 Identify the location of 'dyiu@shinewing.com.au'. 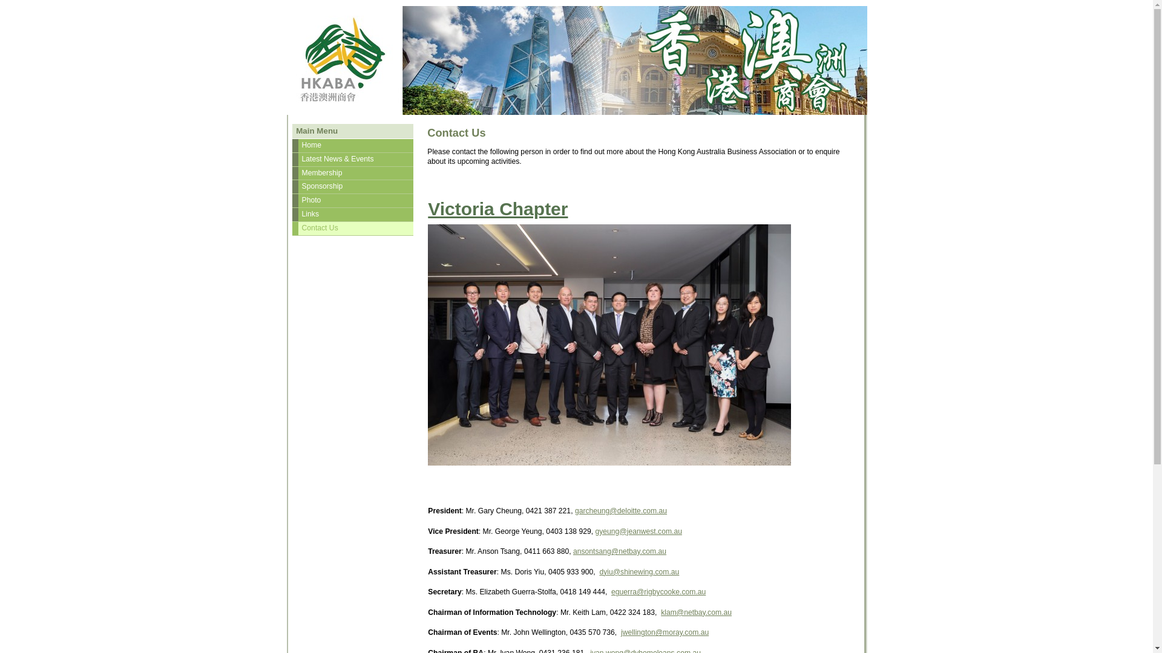
(638, 571).